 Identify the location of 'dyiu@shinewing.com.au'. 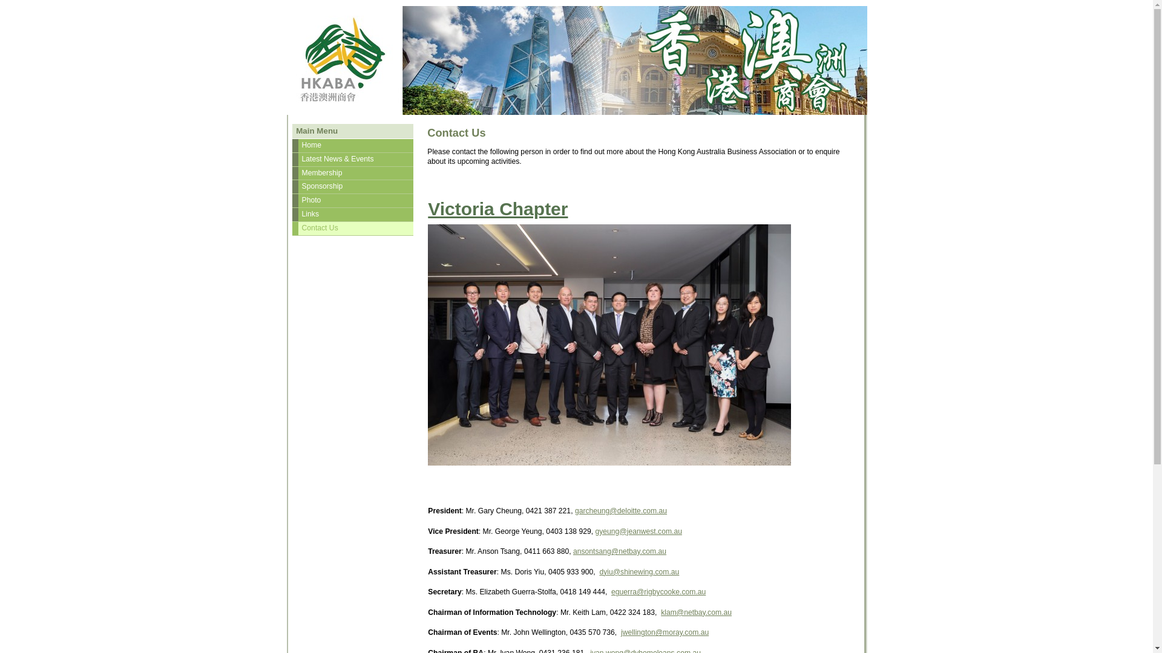
(638, 571).